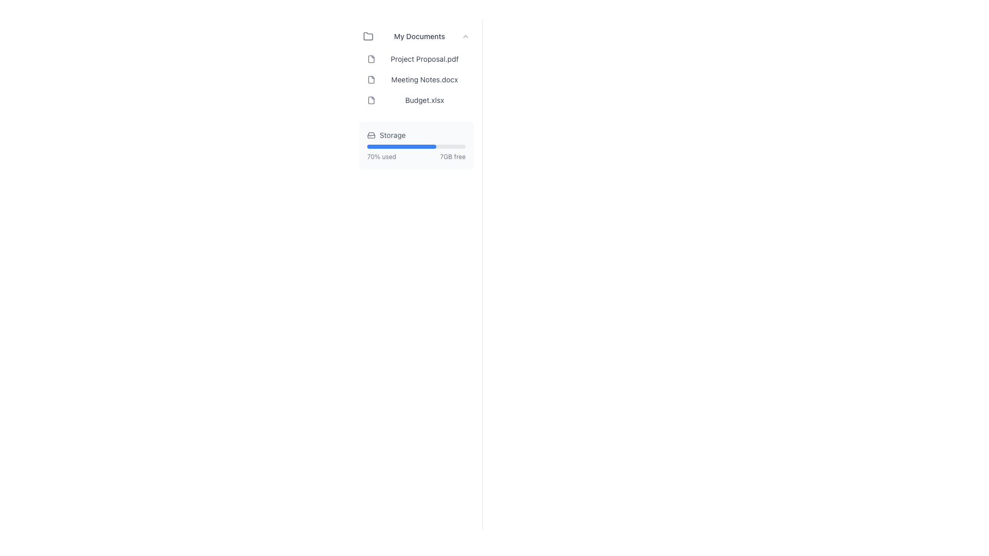  Describe the element at coordinates (419, 36) in the screenshot. I see `the 'My Documents' text label located at the top of the document list in the sidebar` at that location.